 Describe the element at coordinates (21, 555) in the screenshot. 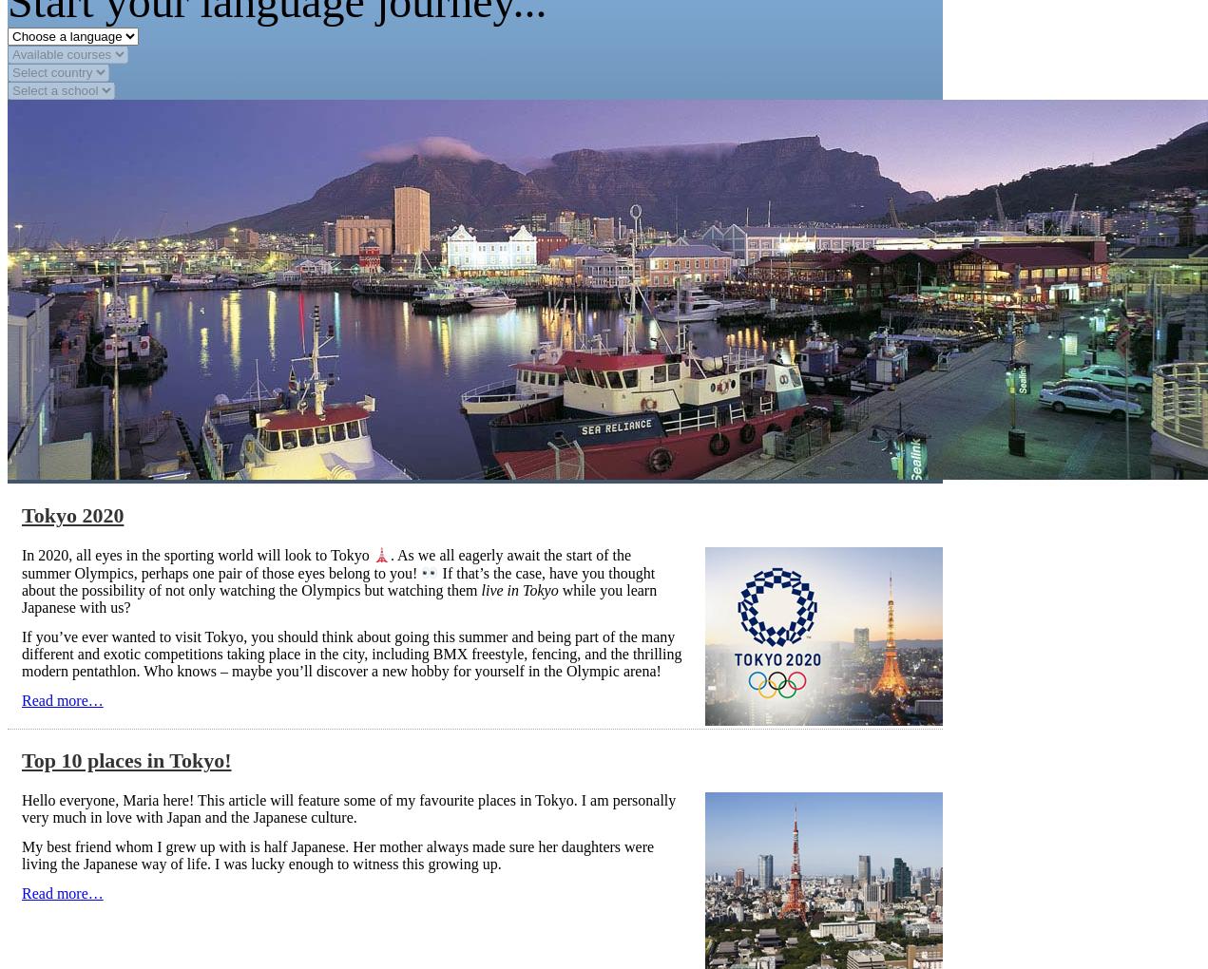

I see `'In 2020, all eyes in the sporting world will look to Tokyo'` at that location.